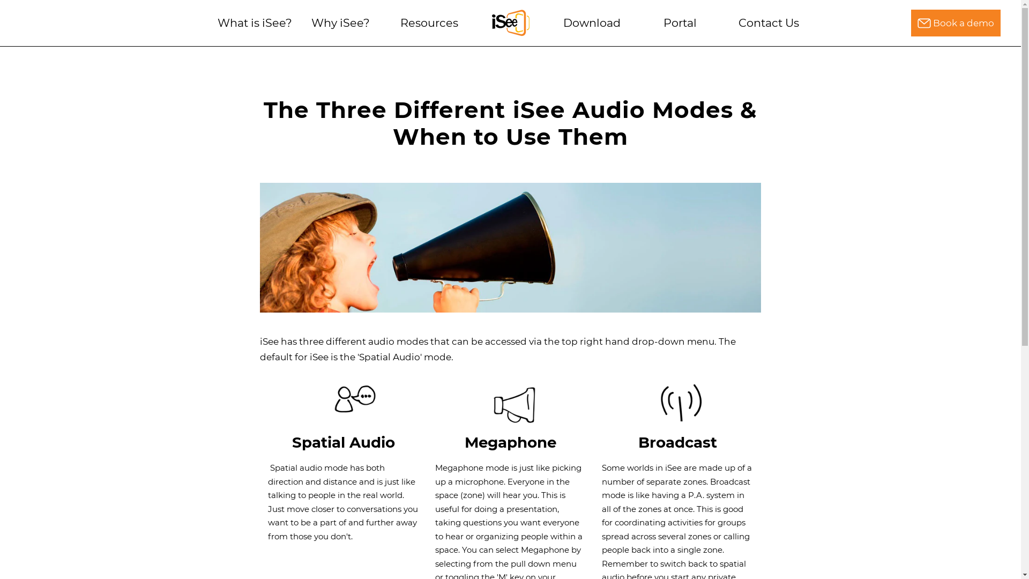  Describe the element at coordinates (0, 42) in the screenshot. I see `'Skip to content'` at that location.